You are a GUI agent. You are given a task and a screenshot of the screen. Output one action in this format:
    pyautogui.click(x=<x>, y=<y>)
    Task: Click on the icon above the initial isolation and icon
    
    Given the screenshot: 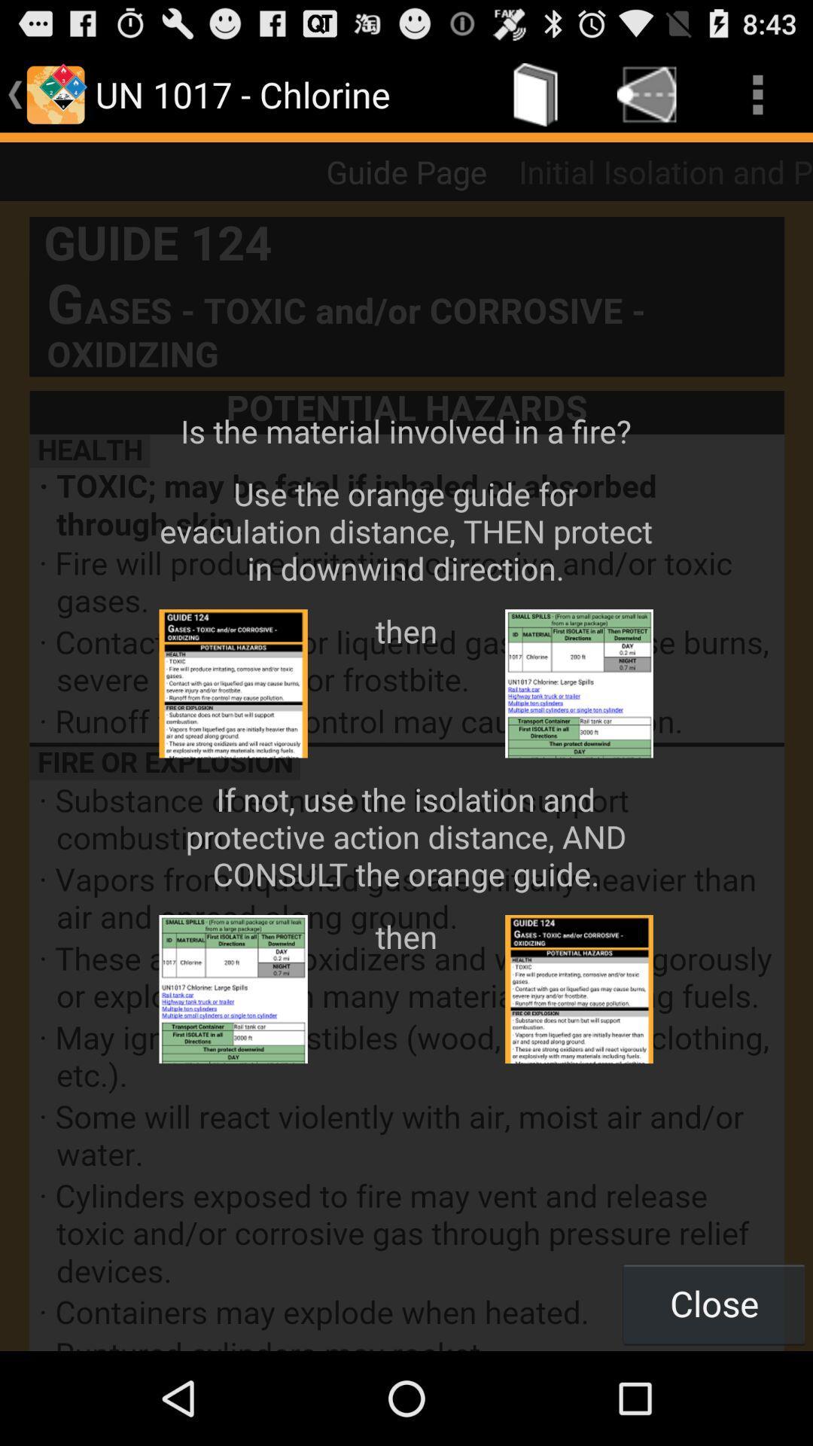 What is the action you would take?
    pyautogui.click(x=757, y=93)
    